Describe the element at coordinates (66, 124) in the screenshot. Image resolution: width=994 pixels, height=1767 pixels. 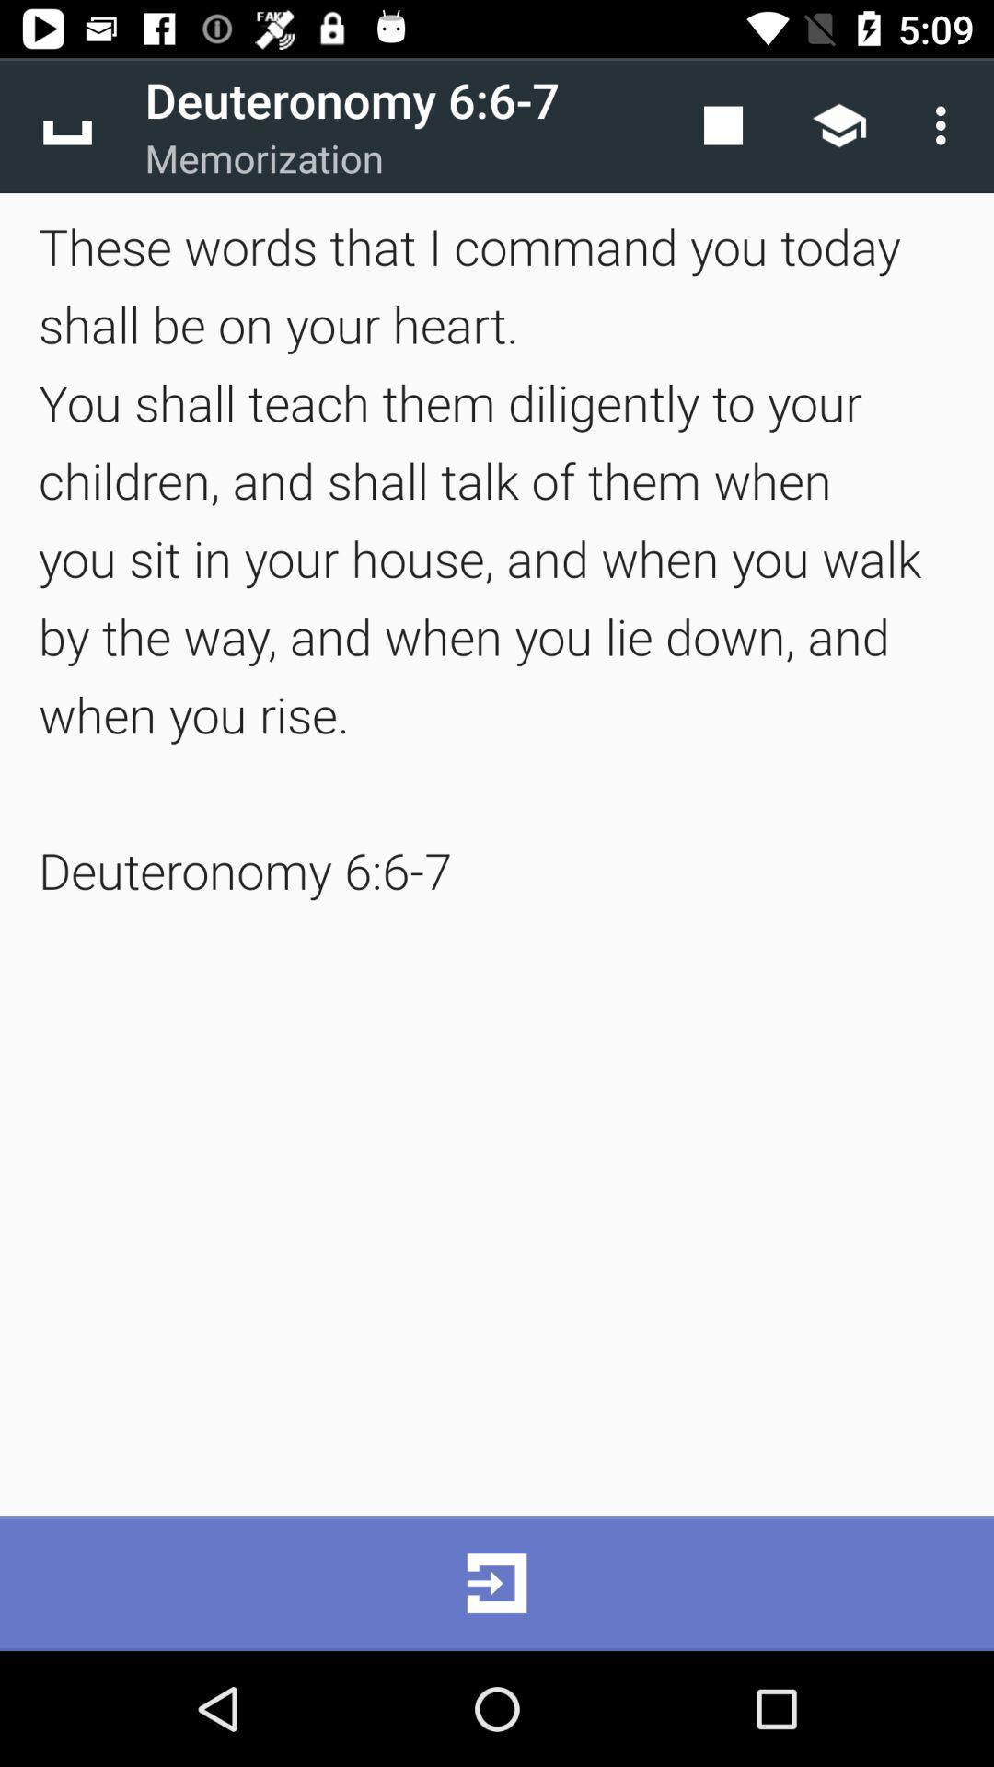
I see `icon to the left of deuteronomy 6 6 icon` at that location.